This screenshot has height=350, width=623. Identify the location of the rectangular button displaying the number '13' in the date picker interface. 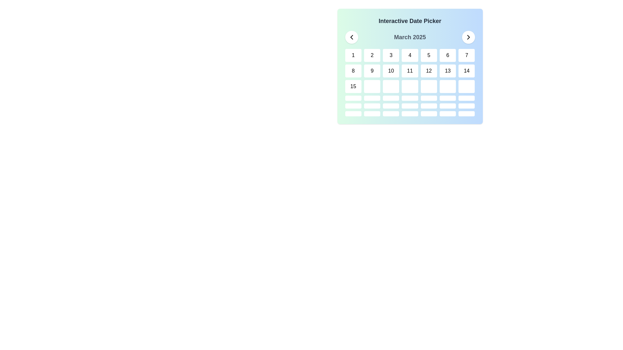
(447, 71).